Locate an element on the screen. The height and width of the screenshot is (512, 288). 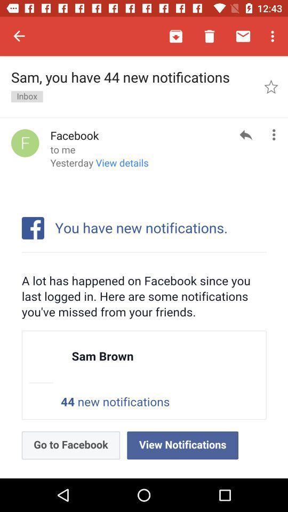
the reply icon is located at coordinates (246, 134).